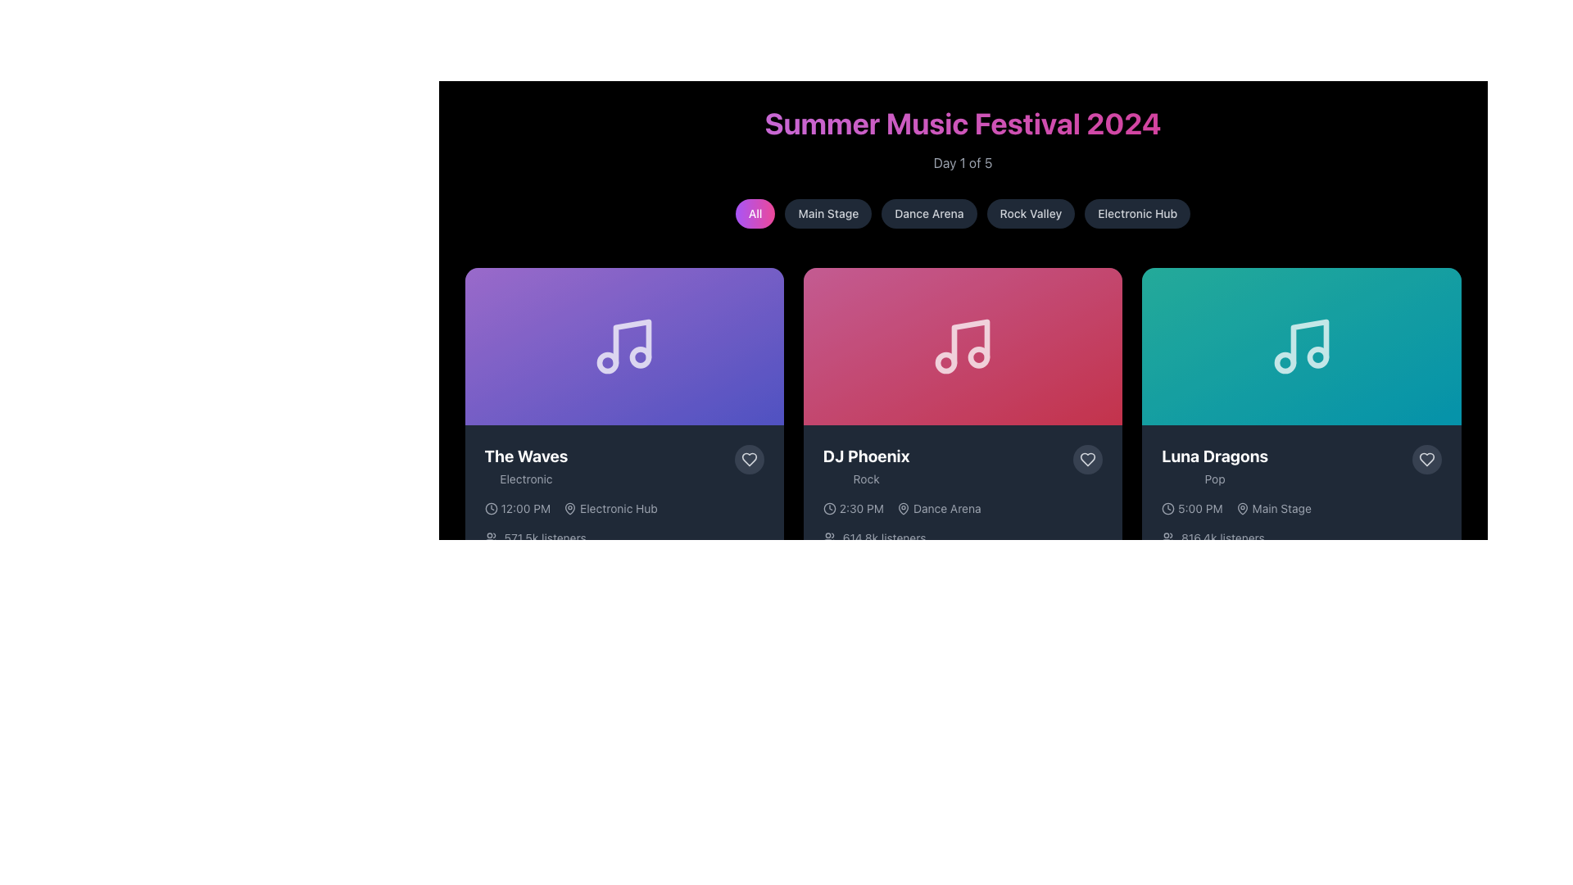 The height and width of the screenshot is (885, 1573). Describe the element at coordinates (1167, 508) in the screenshot. I see `the clock icon located on the left of the text '5:00 PM' under the performance segment of 'Luna Dragons', positioned in the bottom section of the third card` at that location.